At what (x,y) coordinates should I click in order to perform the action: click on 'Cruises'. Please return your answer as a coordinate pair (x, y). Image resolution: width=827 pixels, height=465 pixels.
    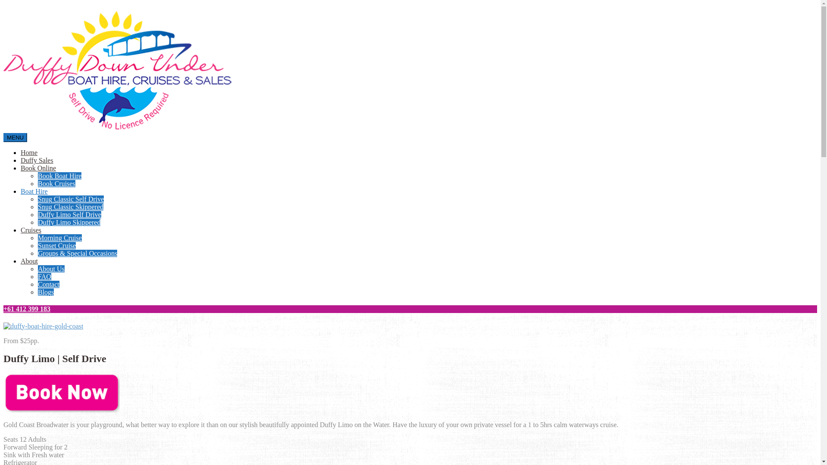
    Looking at the image, I should click on (31, 229).